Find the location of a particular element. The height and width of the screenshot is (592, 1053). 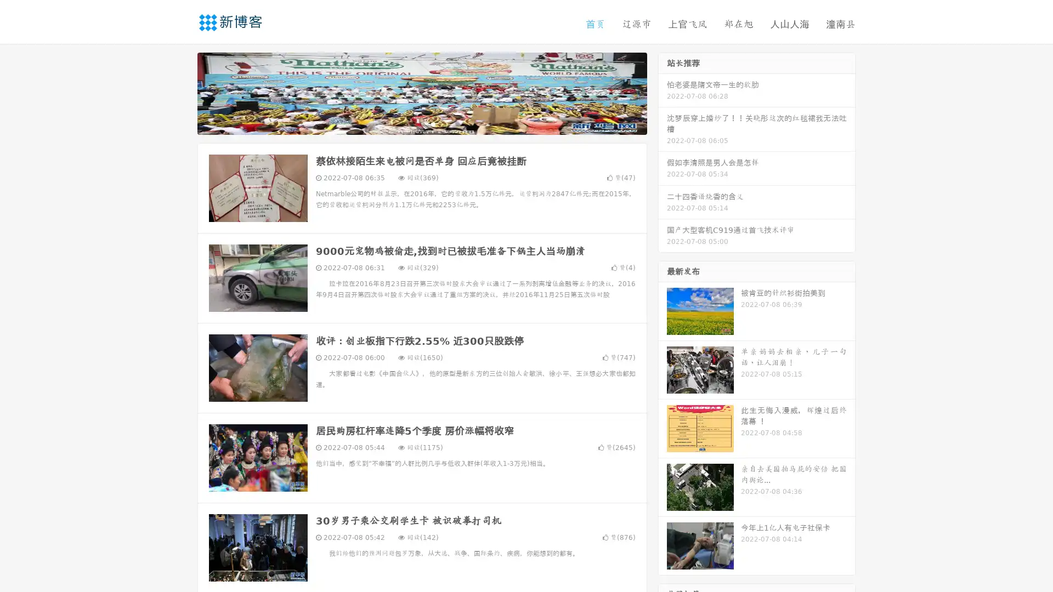

Go to slide 2 is located at coordinates (421, 123).